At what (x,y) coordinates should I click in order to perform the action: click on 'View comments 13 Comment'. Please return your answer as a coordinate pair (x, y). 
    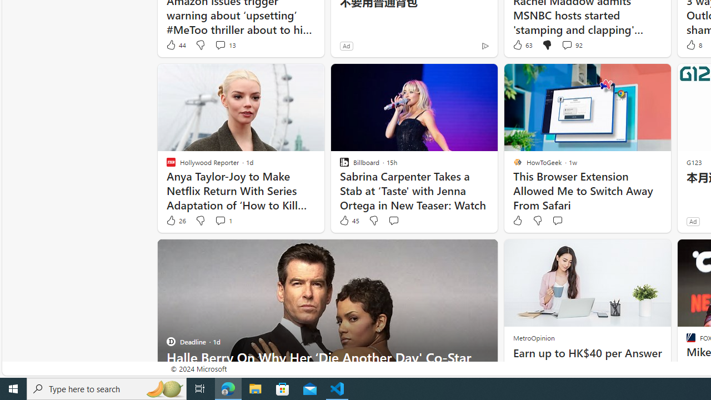
    Looking at the image, I should click on (220, 44).